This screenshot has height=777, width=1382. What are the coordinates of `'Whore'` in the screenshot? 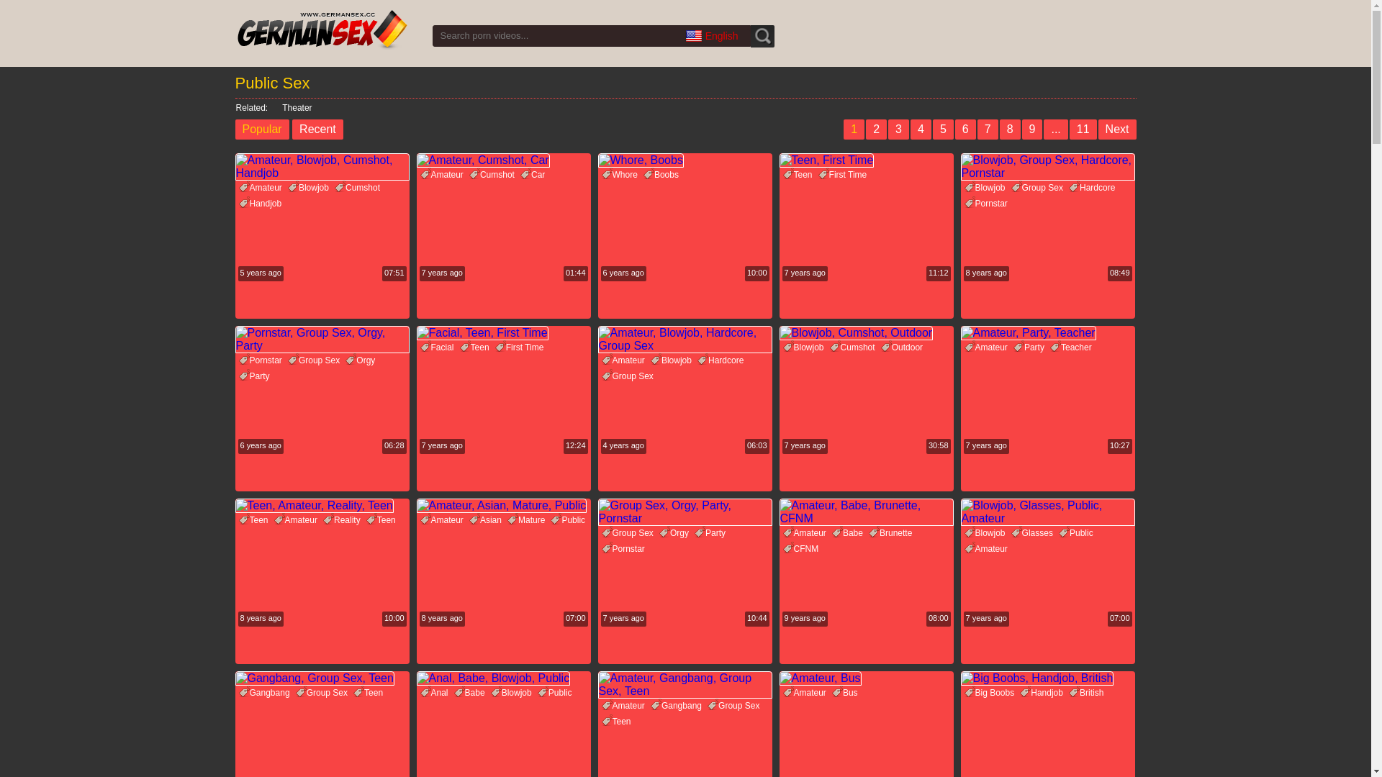 It's located at (621, 174).